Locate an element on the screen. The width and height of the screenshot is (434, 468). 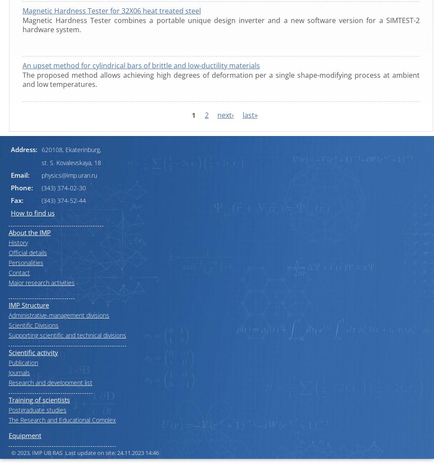
'Scientific Divisions' is located at coordinates (33, 324).